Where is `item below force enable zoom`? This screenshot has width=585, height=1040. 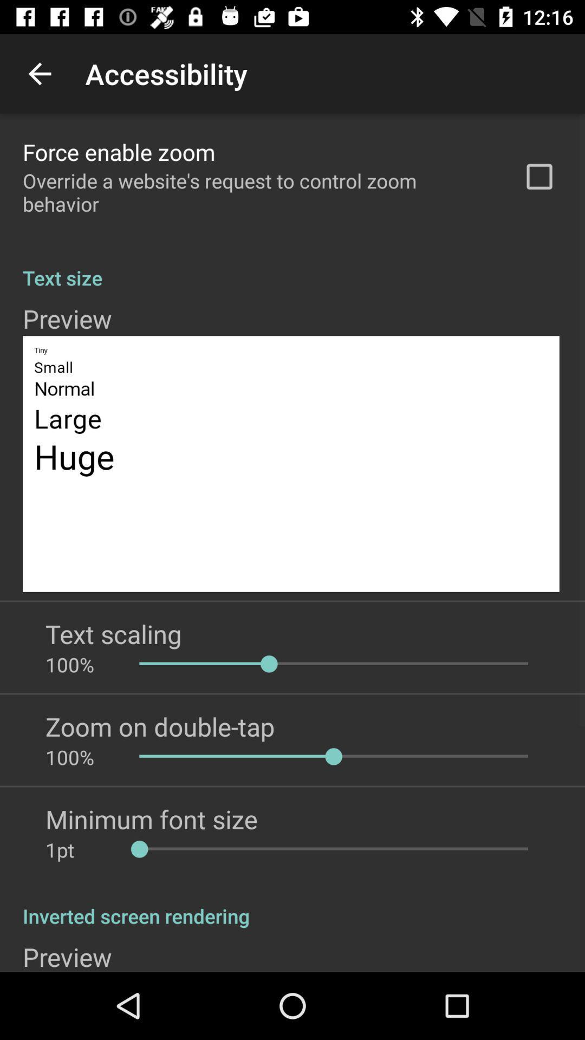
item below force enable zoom is located at coordinates (258, 192).